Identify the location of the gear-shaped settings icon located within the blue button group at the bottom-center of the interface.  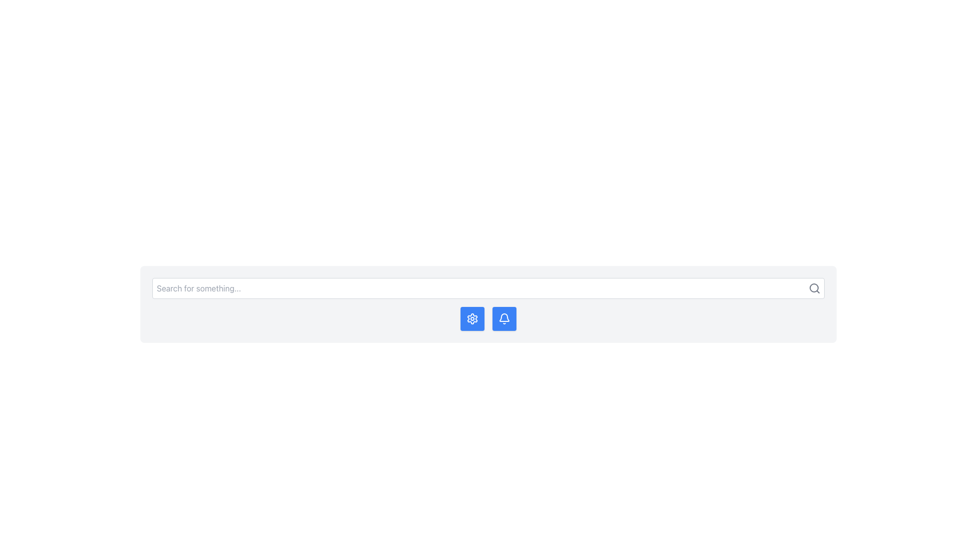
(472, 319).